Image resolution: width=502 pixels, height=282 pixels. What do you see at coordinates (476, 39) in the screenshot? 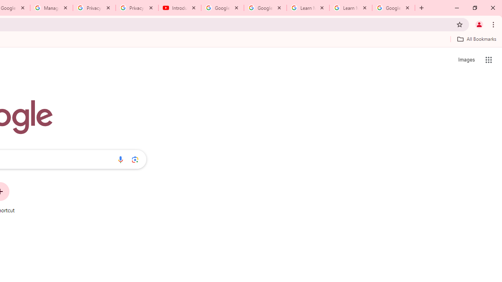
I see `'All Bookmarks'` at bounding box center [476, 39].